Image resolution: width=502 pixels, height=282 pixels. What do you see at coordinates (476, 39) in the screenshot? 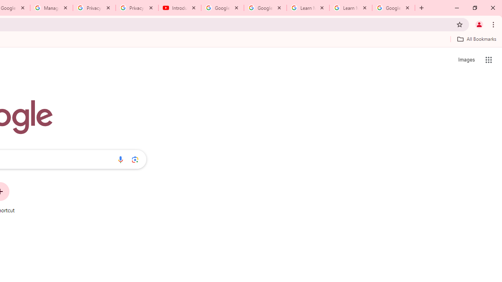
I see `'All Bookmarks'` at bounding box center [476, 39].